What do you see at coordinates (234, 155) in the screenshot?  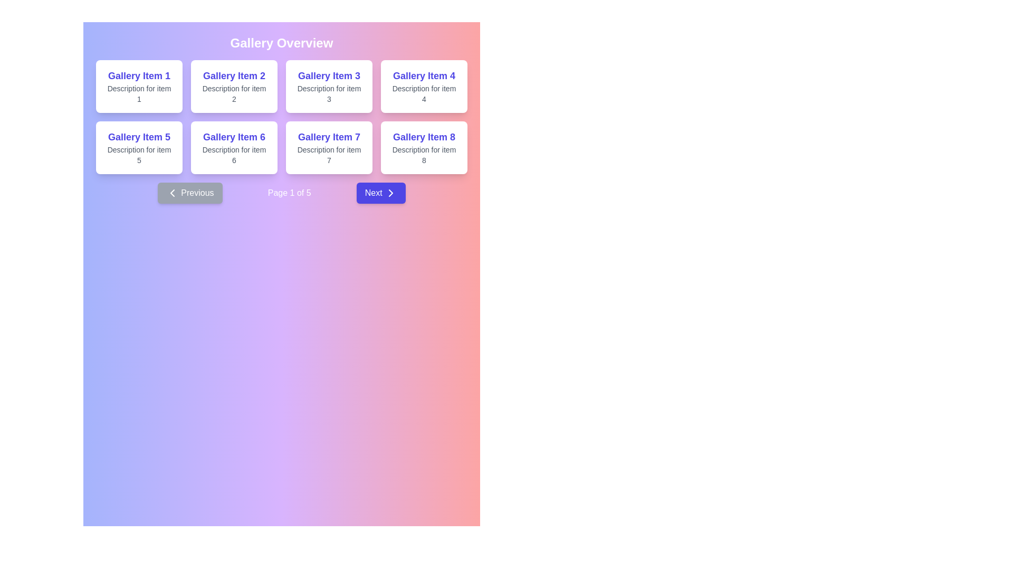 I see `the descriptive text element located in the lower section of the white rectangular card labeled 'Gallery Item 6' to enhance accessibility` at bounding box center [234, 155].